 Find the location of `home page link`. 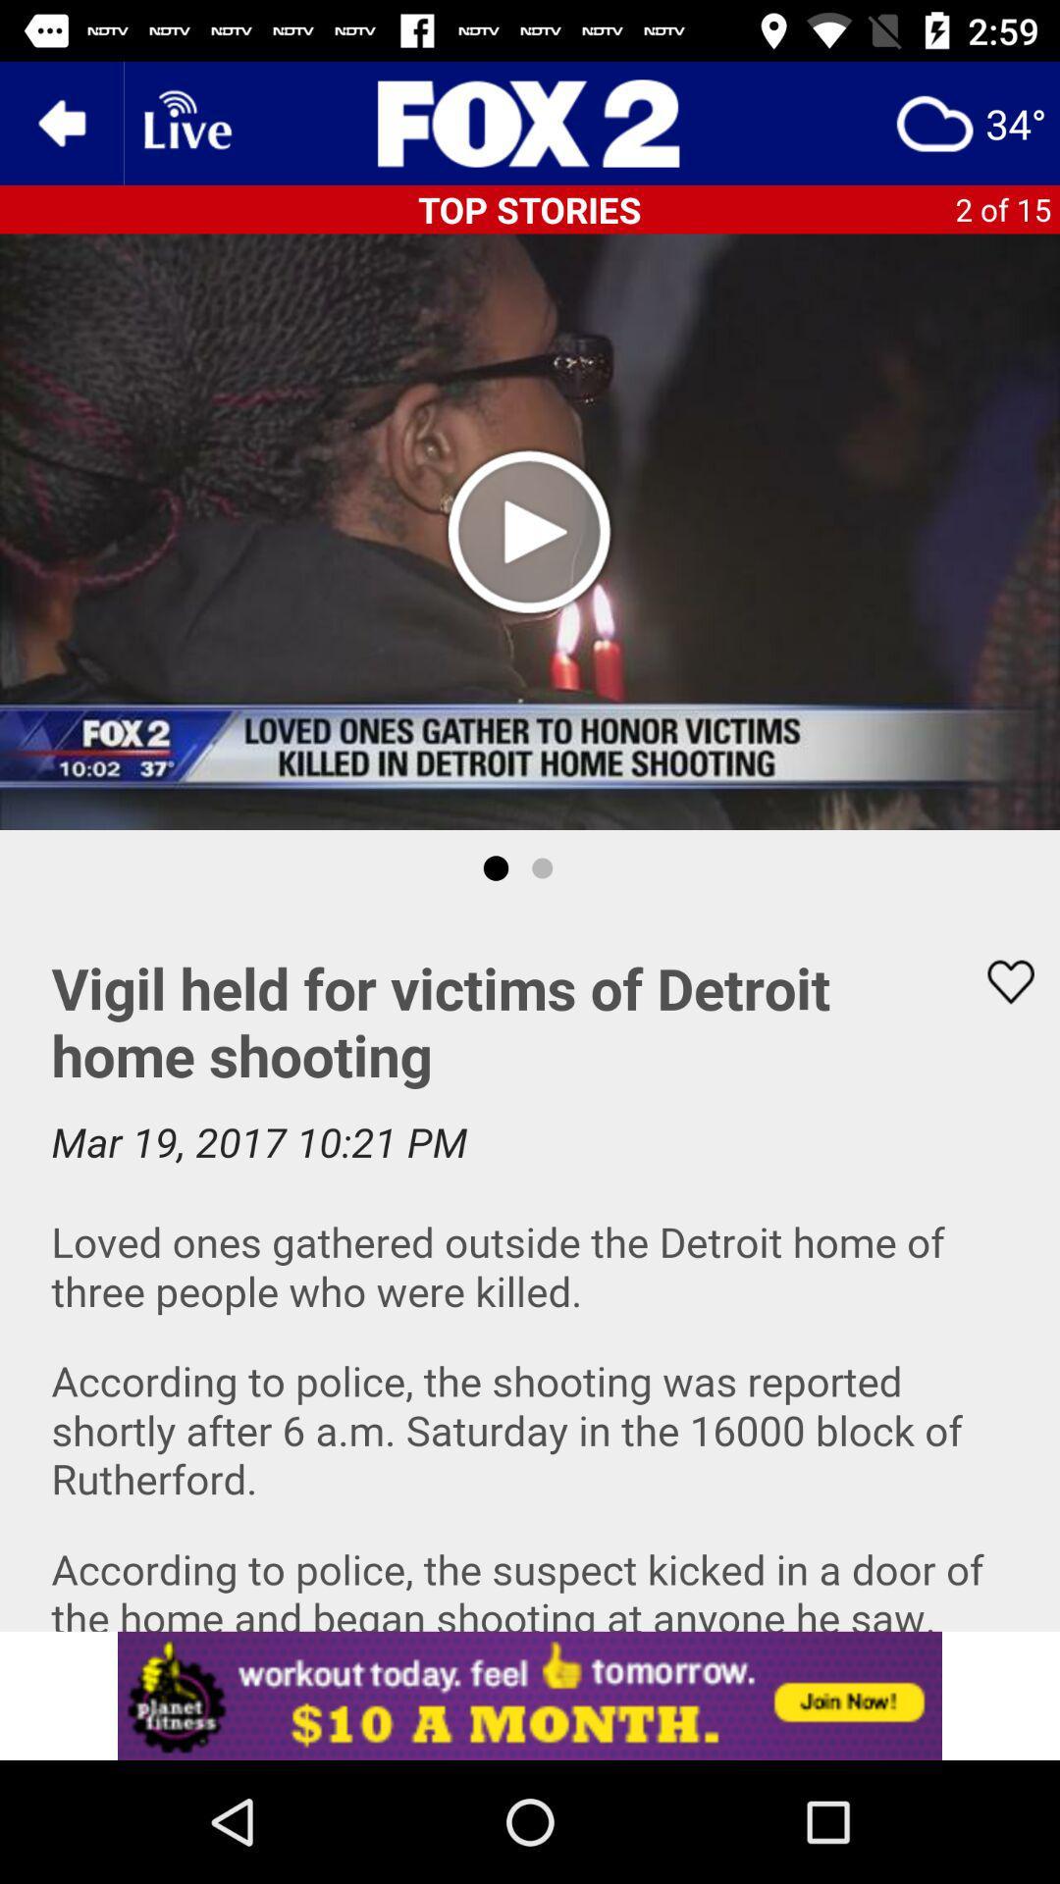

home page link is located at coordinates (530, 122).